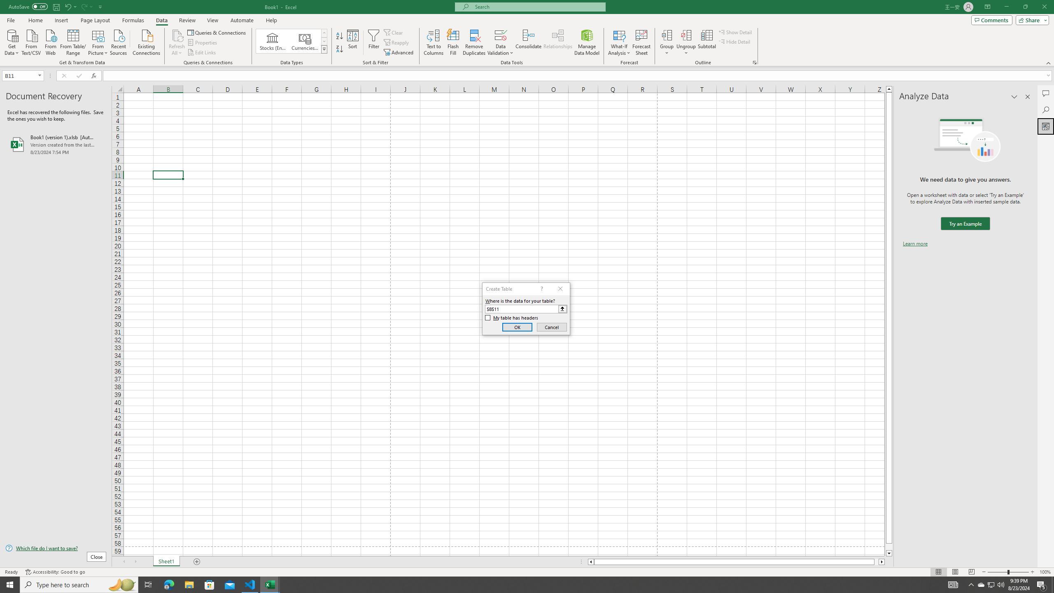 This screenshot has width=1054, height=593. What do you see at coordinates (324, 41) in the screenshot?
I see `'Row Down'` at bounding box center [324, 41].